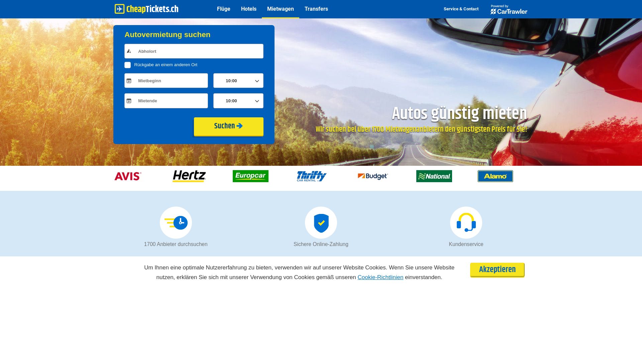 The image size is (642, 361). Describe the element at coordinates (316, 9) in the screenshot. I see `'Transfers'` at that location.